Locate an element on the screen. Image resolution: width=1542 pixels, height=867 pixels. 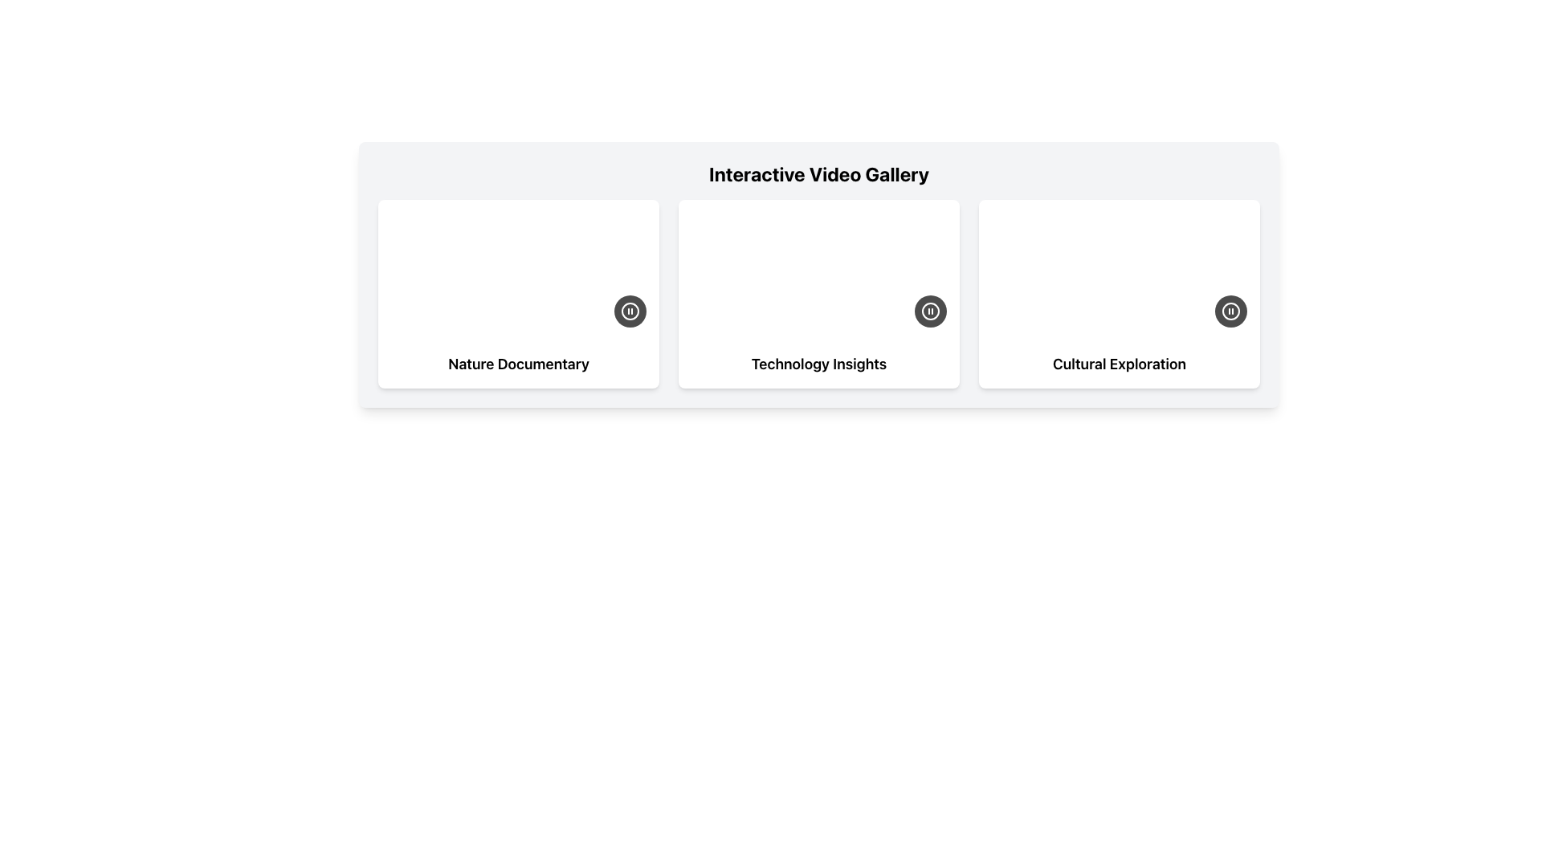
the text label that serves as a title for the associated panel in the 'Interactive Video Gallery' section, located beneath the top edge of the third panel is located at coordinates (1118, 364).